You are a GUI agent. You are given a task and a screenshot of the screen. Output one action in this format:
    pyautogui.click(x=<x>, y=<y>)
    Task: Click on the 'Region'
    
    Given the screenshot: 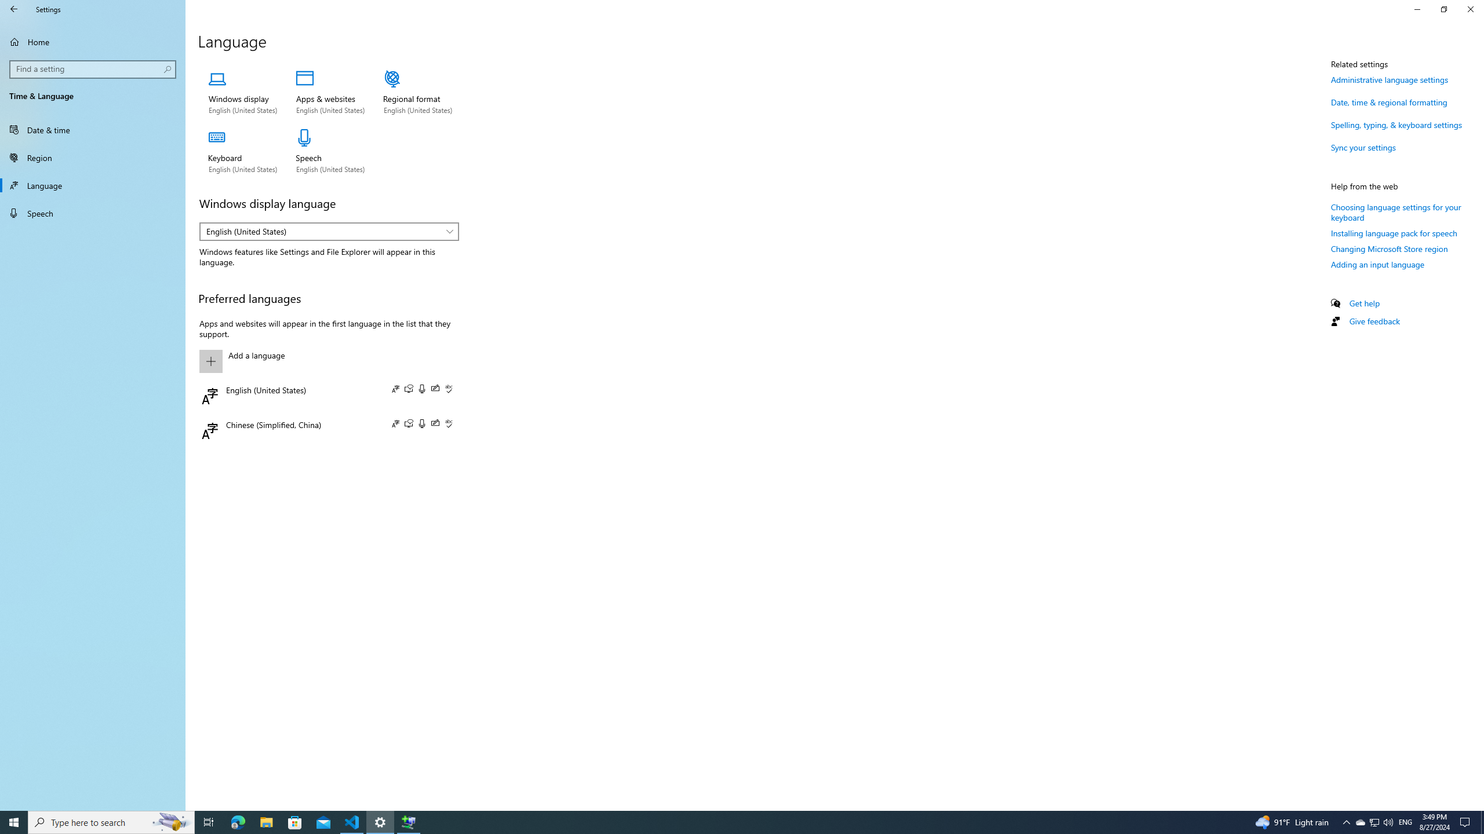 What is the action you would take?
    pyautogui.click(x=92, y=157)
    